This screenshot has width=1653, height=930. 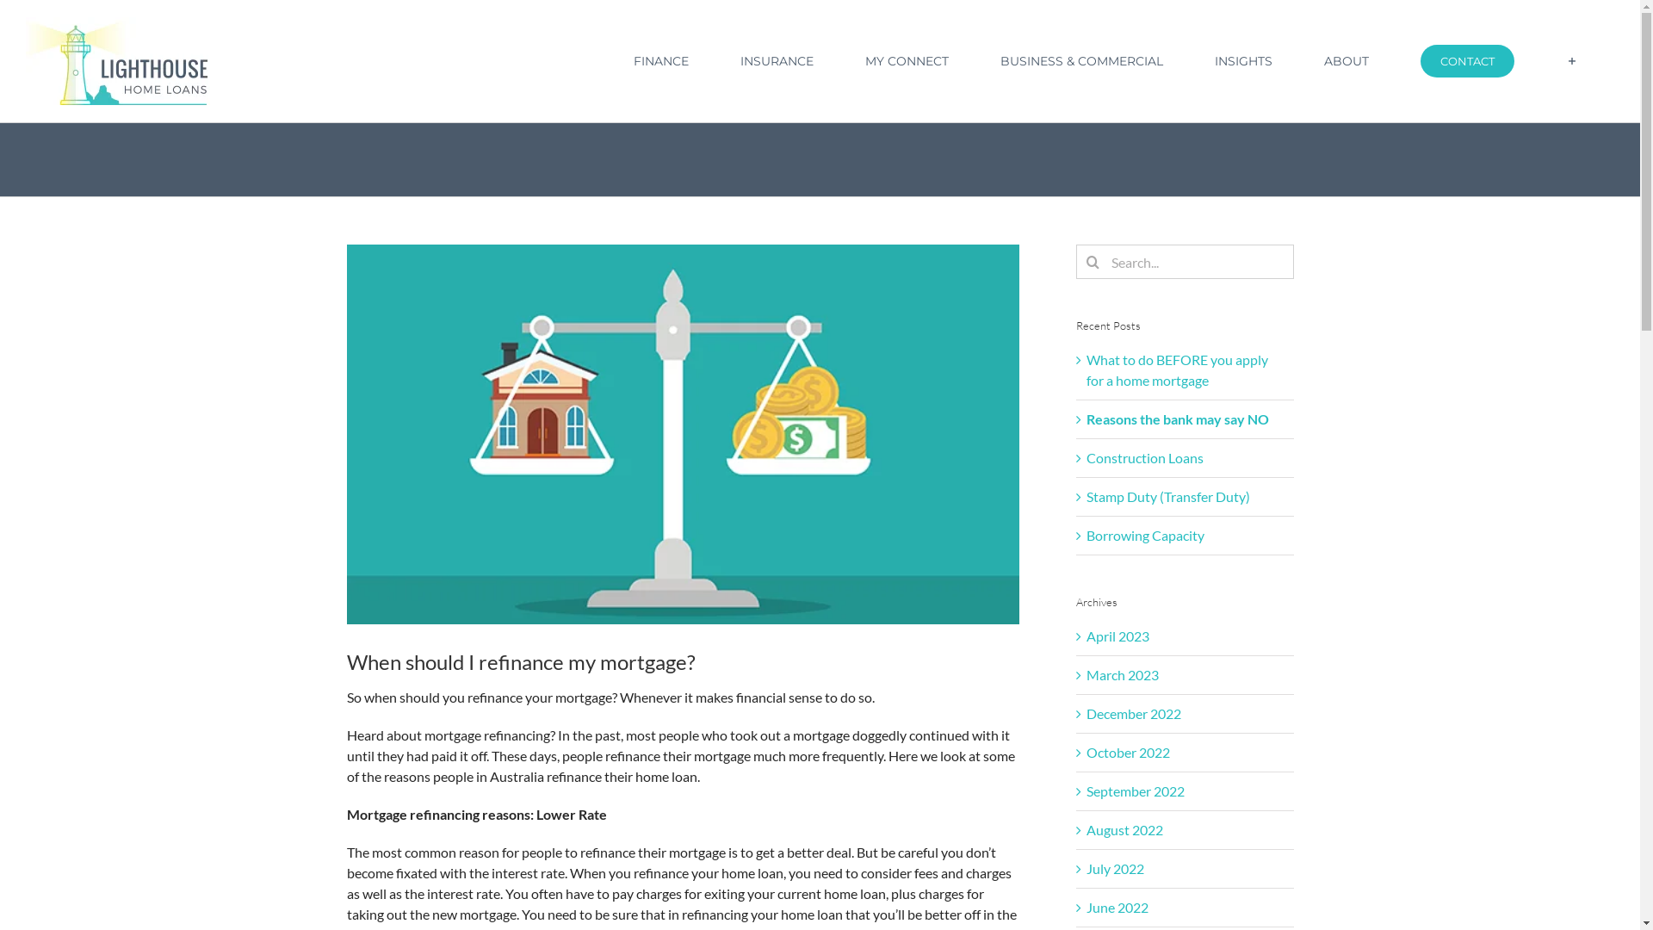 What do you see at coordinates (1243, 59) in the screenshot?
I see `'INSIGHTS'` at bounding box center [1243, 59].